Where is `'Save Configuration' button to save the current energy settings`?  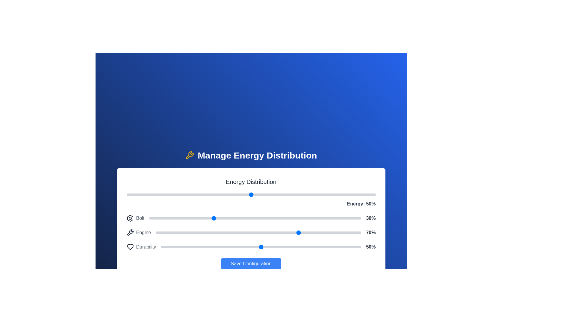
'Save Configuration' button to save the current energy settings is located at coordinates (251, 263).